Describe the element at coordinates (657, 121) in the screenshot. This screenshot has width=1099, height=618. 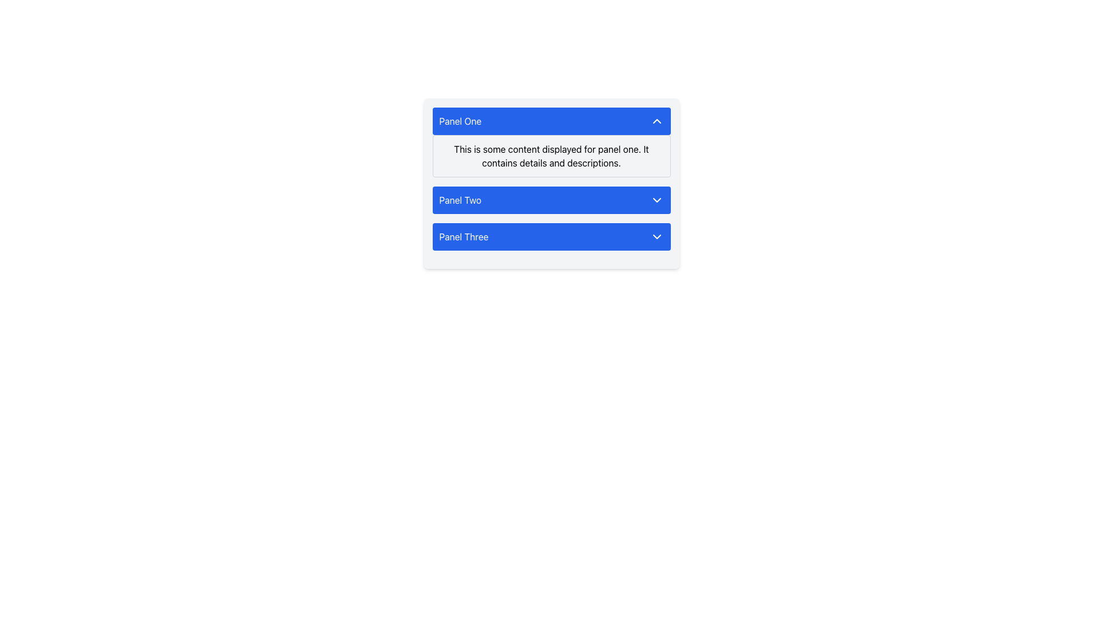
I see `the chevron-shaped arrow icon located to the right of the text 'Panel One'` at that location.